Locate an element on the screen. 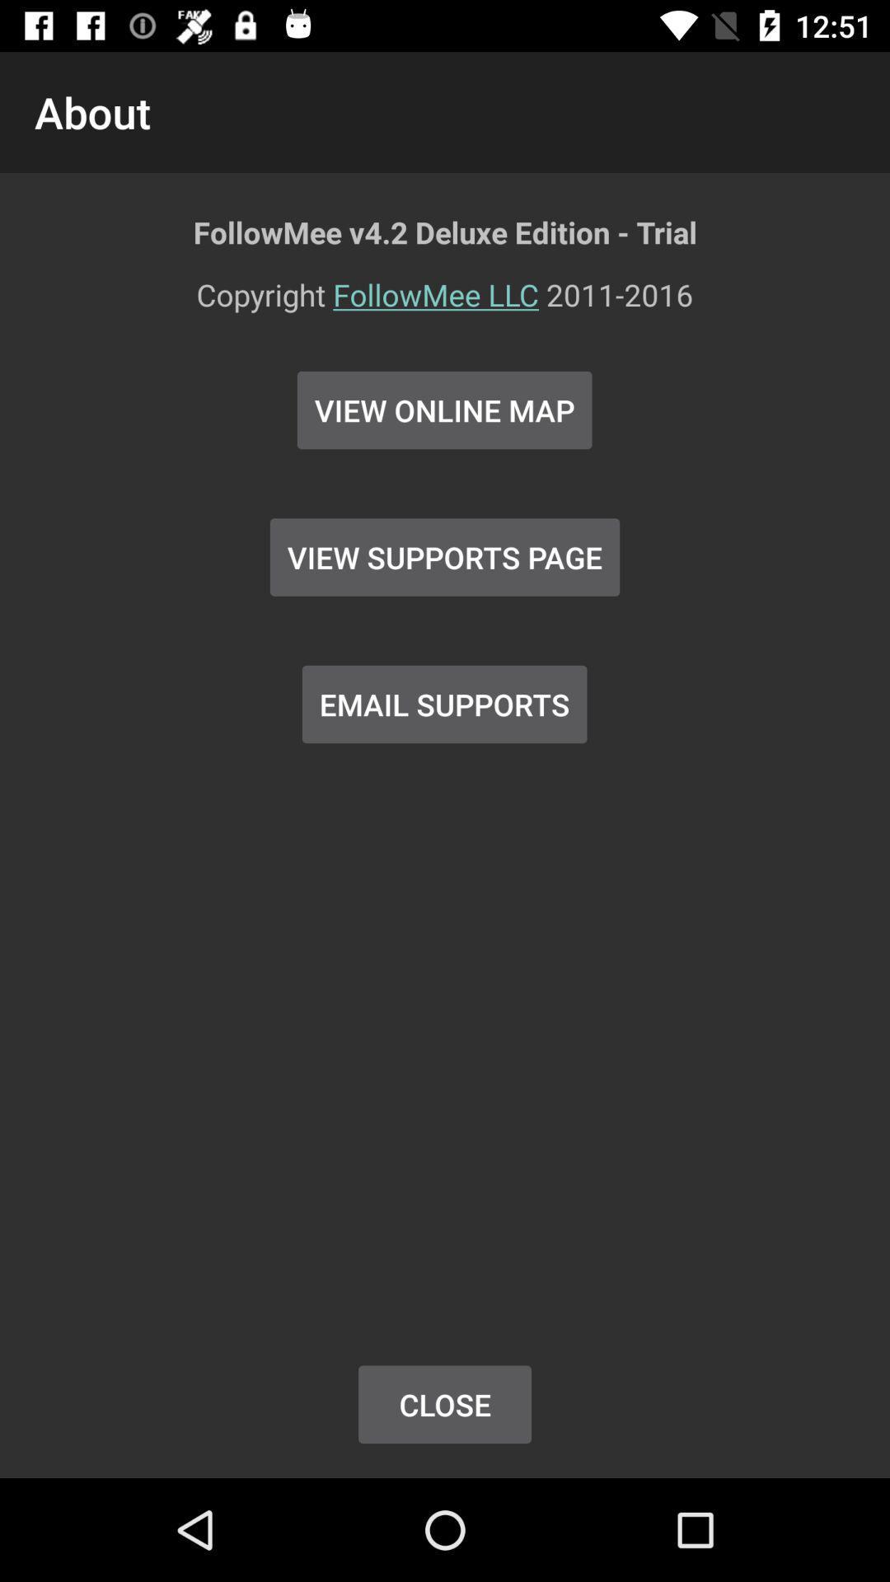  button below view supports page item is located at coordinates (443, 704).